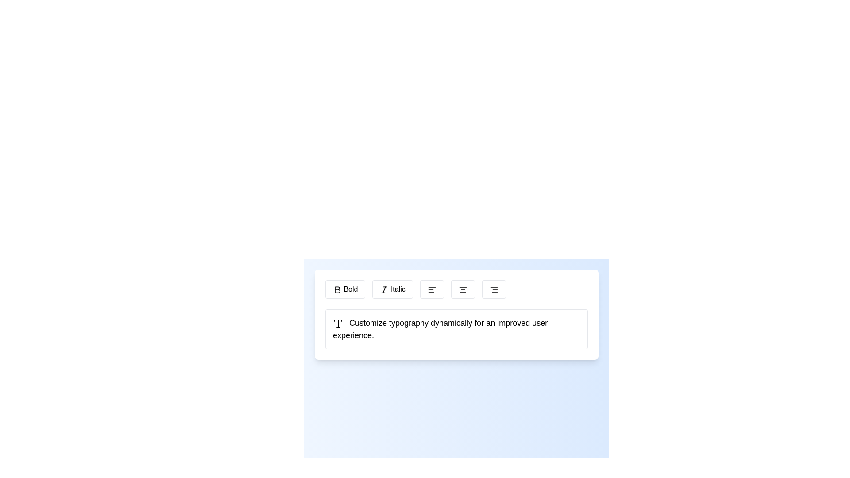 The height and width of the screenshot is (478, 850). Describe the element at coordinates (384, 289) in the screenshot. I see `the italic icon represented by a stylized letter 'I' within the 'Italic' button in the toolbar section above the text input area` at that location.